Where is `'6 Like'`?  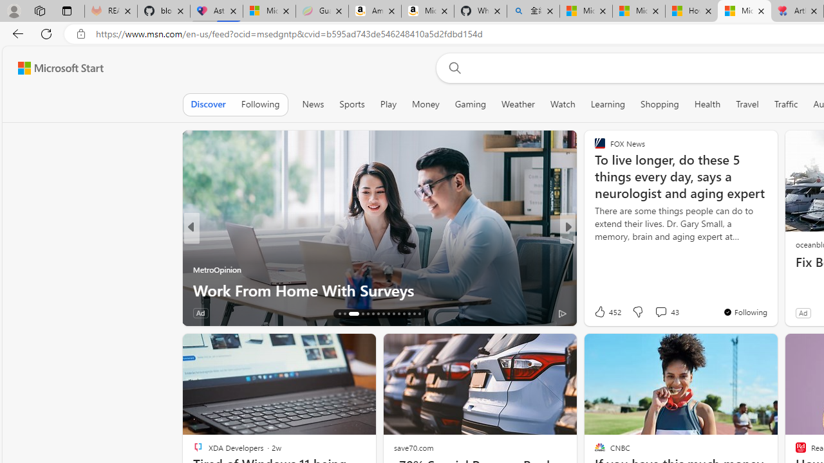
'6 Like' is located at coordinates (598, 313).